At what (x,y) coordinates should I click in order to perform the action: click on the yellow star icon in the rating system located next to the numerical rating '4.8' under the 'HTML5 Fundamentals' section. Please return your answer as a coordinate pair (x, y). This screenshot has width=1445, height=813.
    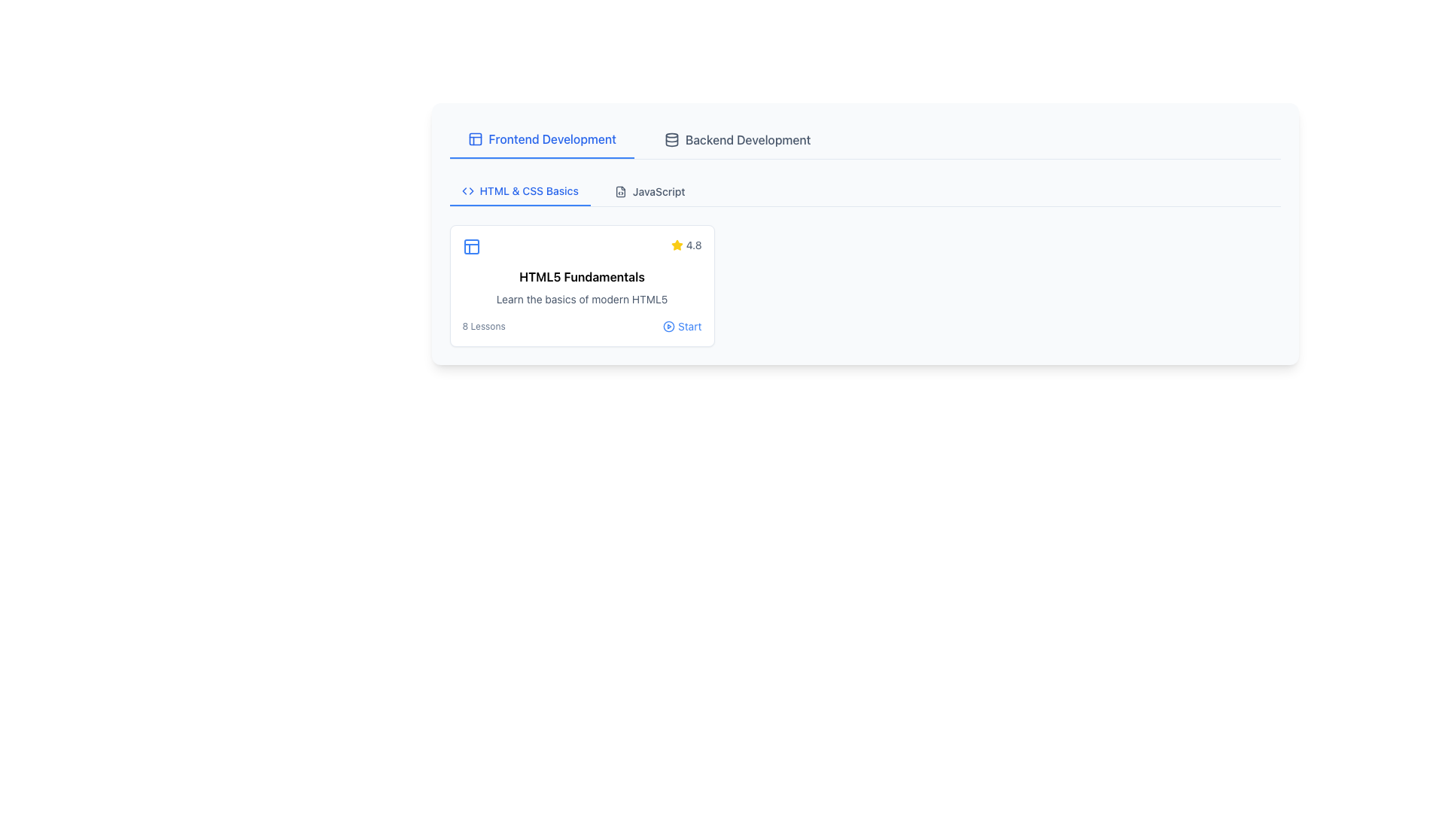
    Looking at the image, I should click on (676, 245).